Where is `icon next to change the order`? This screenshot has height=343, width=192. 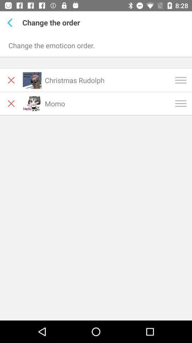
icon next to change the order is located at coordinates (11, 23).